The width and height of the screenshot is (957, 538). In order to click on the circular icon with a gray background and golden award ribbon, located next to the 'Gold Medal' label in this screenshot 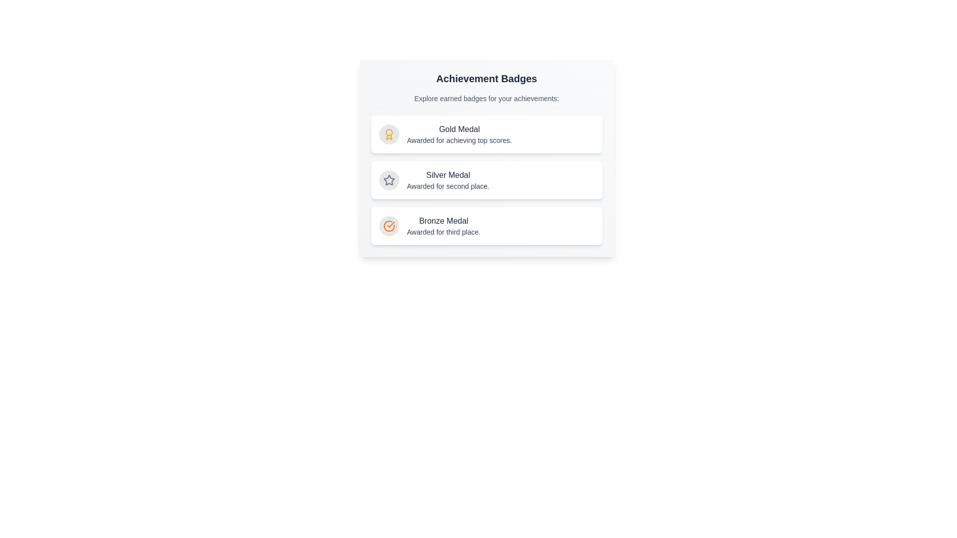, I will do `click(388, 134)`.